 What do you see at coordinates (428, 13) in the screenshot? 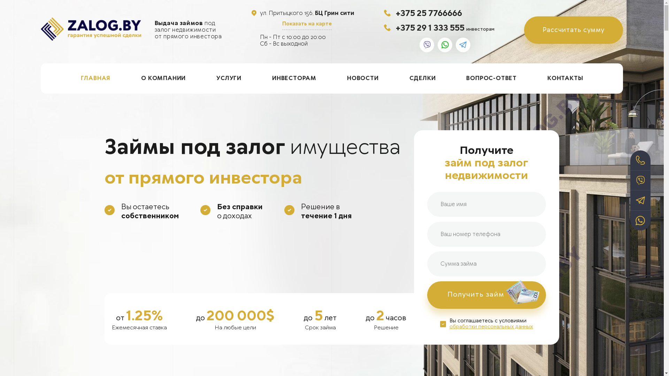
I see `'+375 25 7766666'` at bounding box center [428, 13].